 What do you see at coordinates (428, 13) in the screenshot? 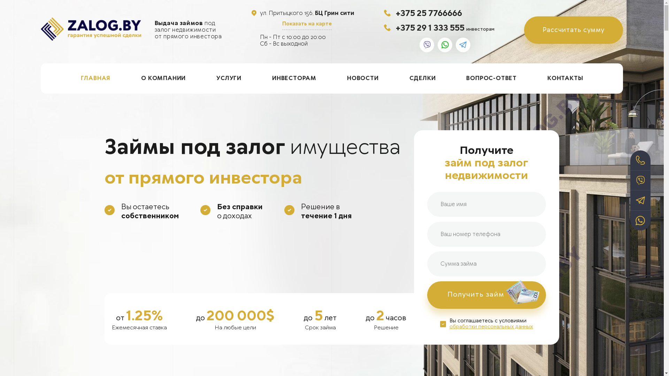
I see `'+375 25 7766666'` at bounding box center [428, 13].